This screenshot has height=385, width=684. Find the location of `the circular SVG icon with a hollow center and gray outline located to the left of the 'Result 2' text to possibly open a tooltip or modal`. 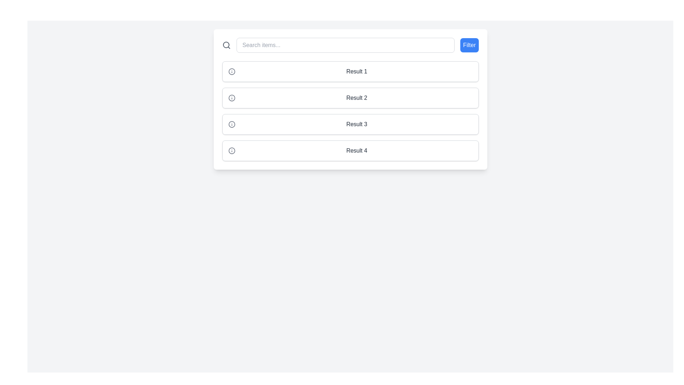

the circular SVG icon with a hollow center and gray outline located to the left of the 'Result 2' text to possibly open a tooltip or modal is located at coordinates (232, 98).